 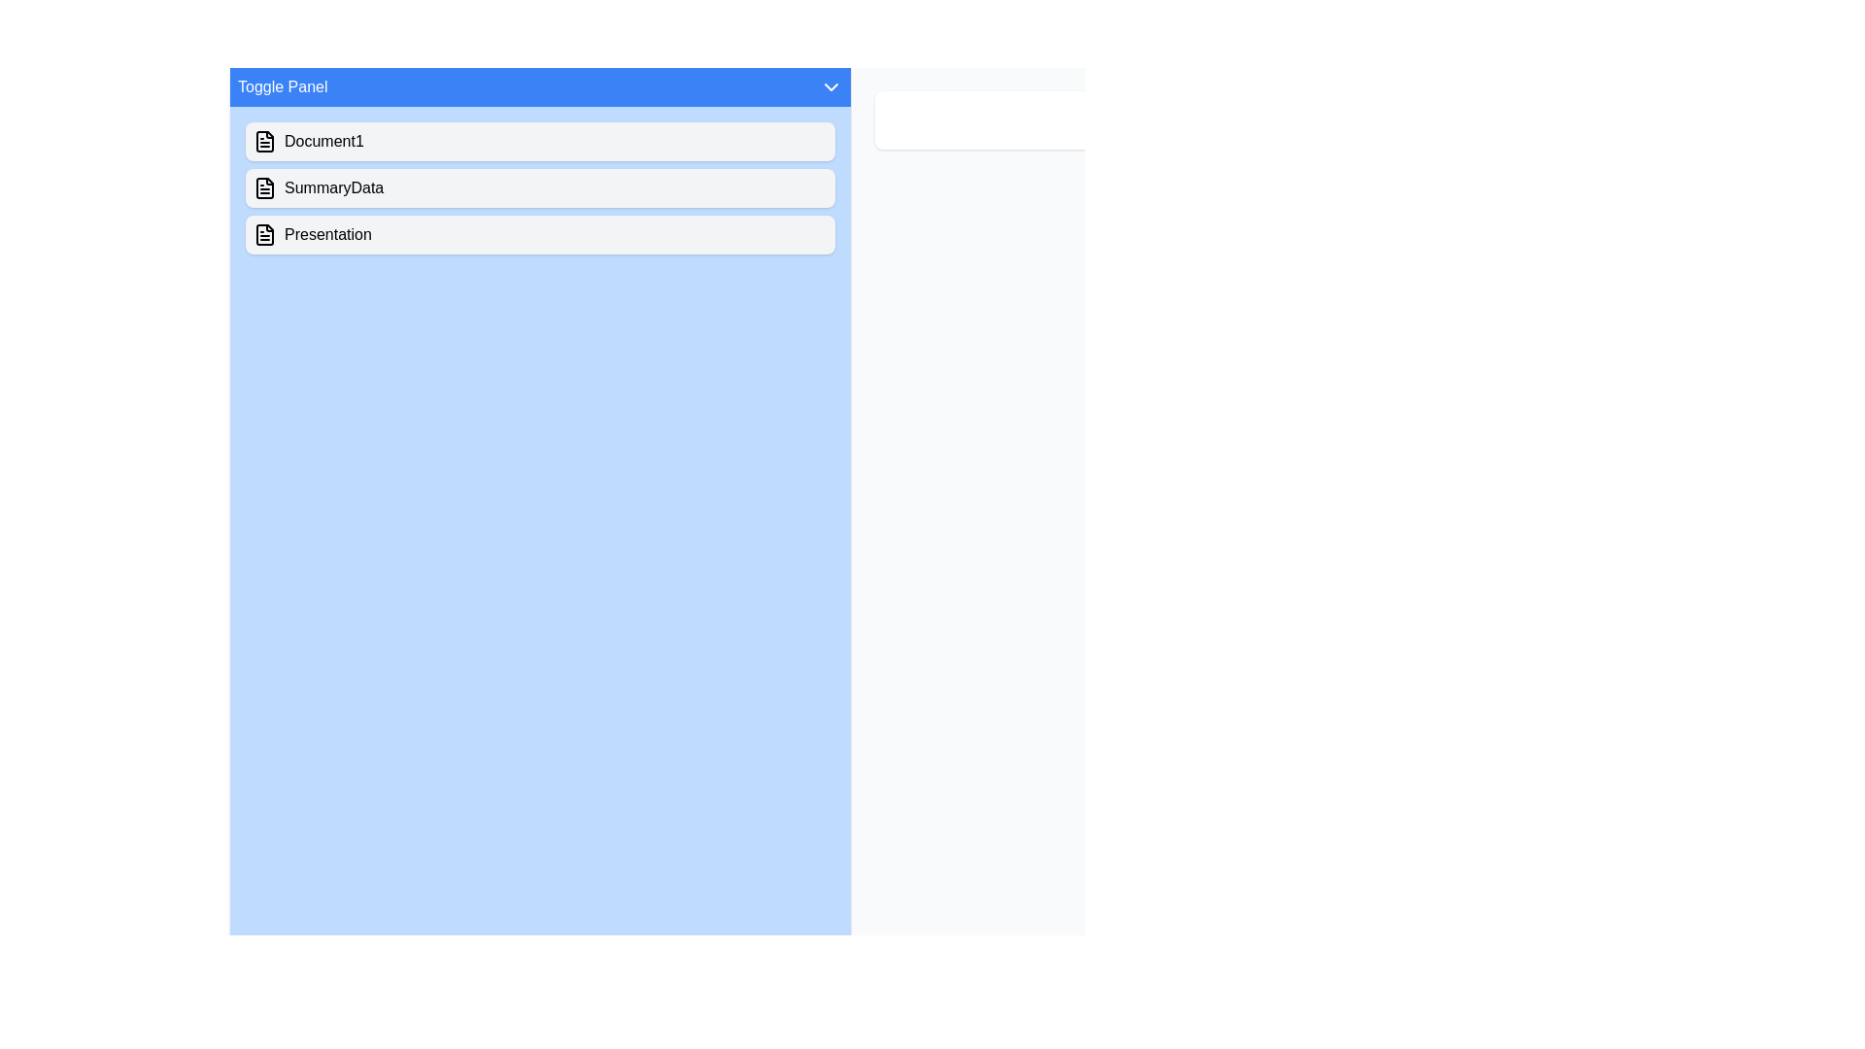 What do you see at coordinates (264, 141) in the screenshot?
I see `the file icon representing the 'Document1' entry in the list located under the 'Toggle Panel' header` at bounding box center [264, 141].